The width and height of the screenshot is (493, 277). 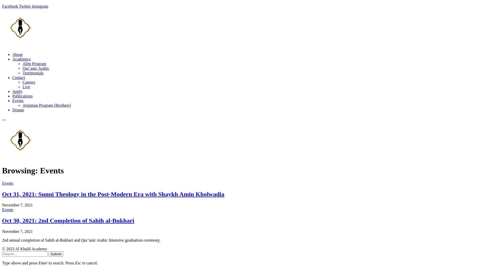 I want to click on 'Live', so click(x=22, y=86).